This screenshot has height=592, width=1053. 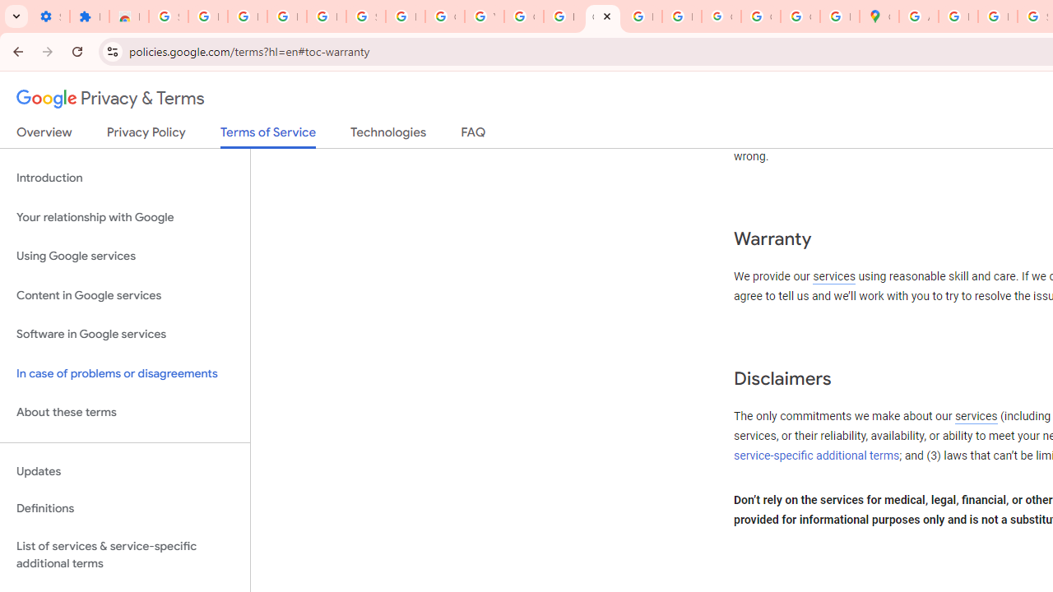 What do you see at coordinates (124, 216) in the screenshot?
I see `'Your relationship with Google'` at bounding box center [124, 216].